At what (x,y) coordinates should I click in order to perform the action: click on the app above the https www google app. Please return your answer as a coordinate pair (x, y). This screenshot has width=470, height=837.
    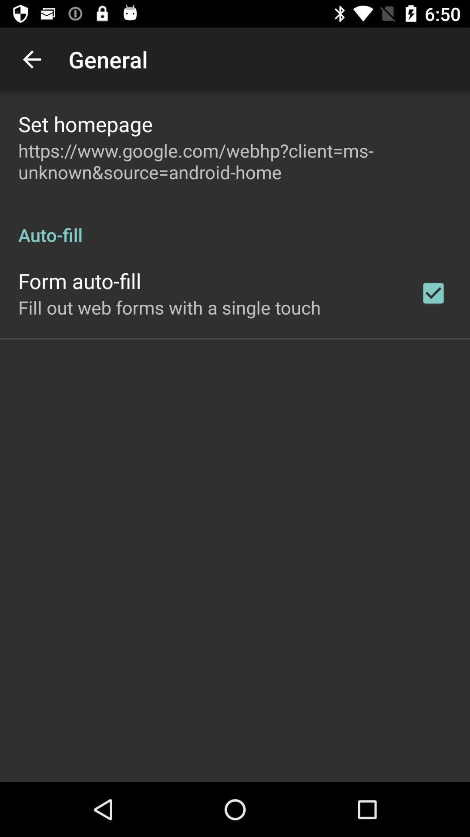
    Looking at the image, I should click on (85, 123).